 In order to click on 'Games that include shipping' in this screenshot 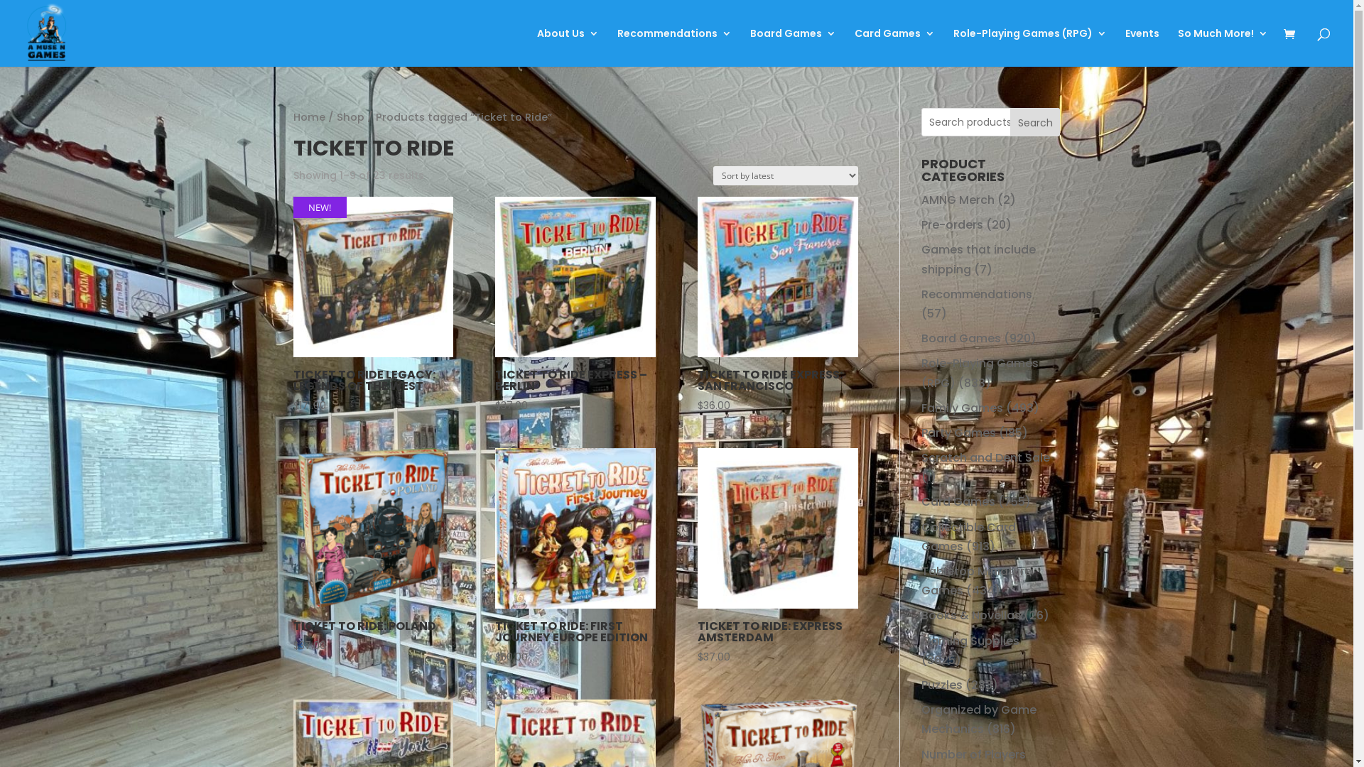, I will do `click(921, 259)`.